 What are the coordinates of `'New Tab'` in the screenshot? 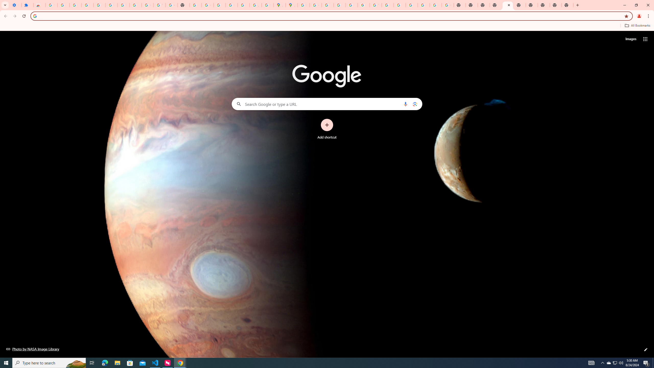 It's located at (567, 5).